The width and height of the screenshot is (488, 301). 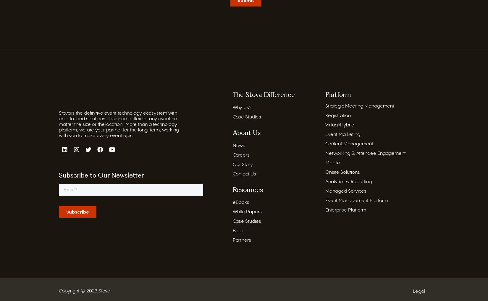 What do you see at coordinates (342, 172) in the screenshot?
I see `'Onsite Solutions'` at bounding box center [342, 172].